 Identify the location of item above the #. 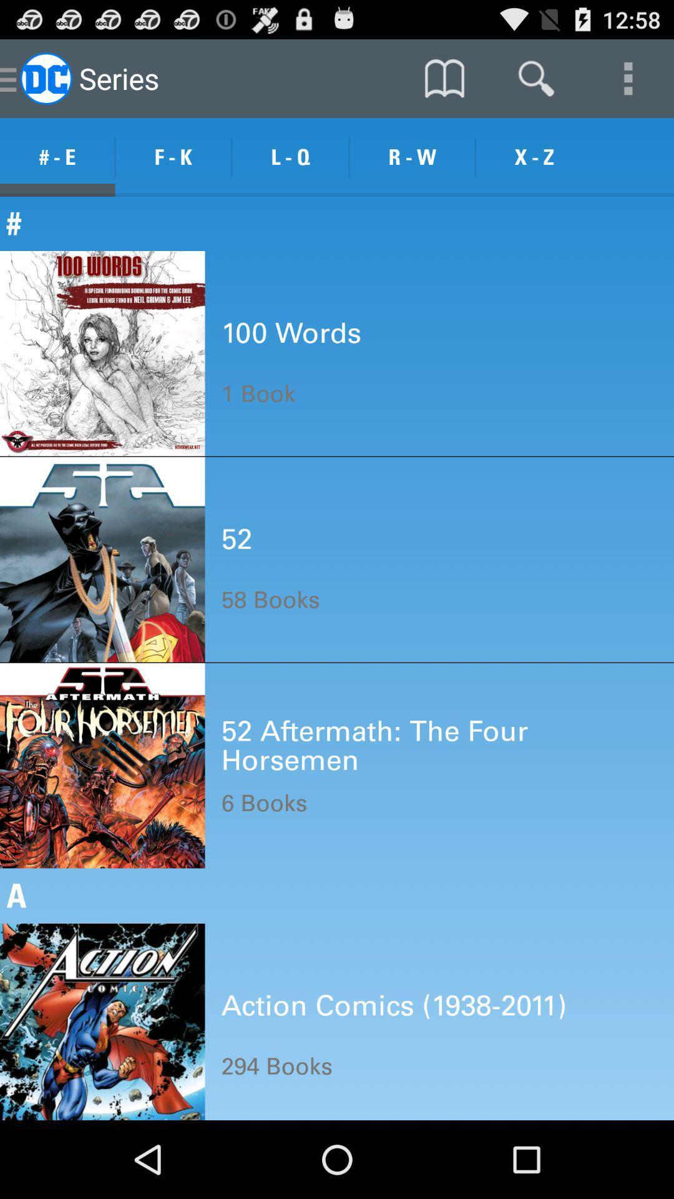
(412, 157).